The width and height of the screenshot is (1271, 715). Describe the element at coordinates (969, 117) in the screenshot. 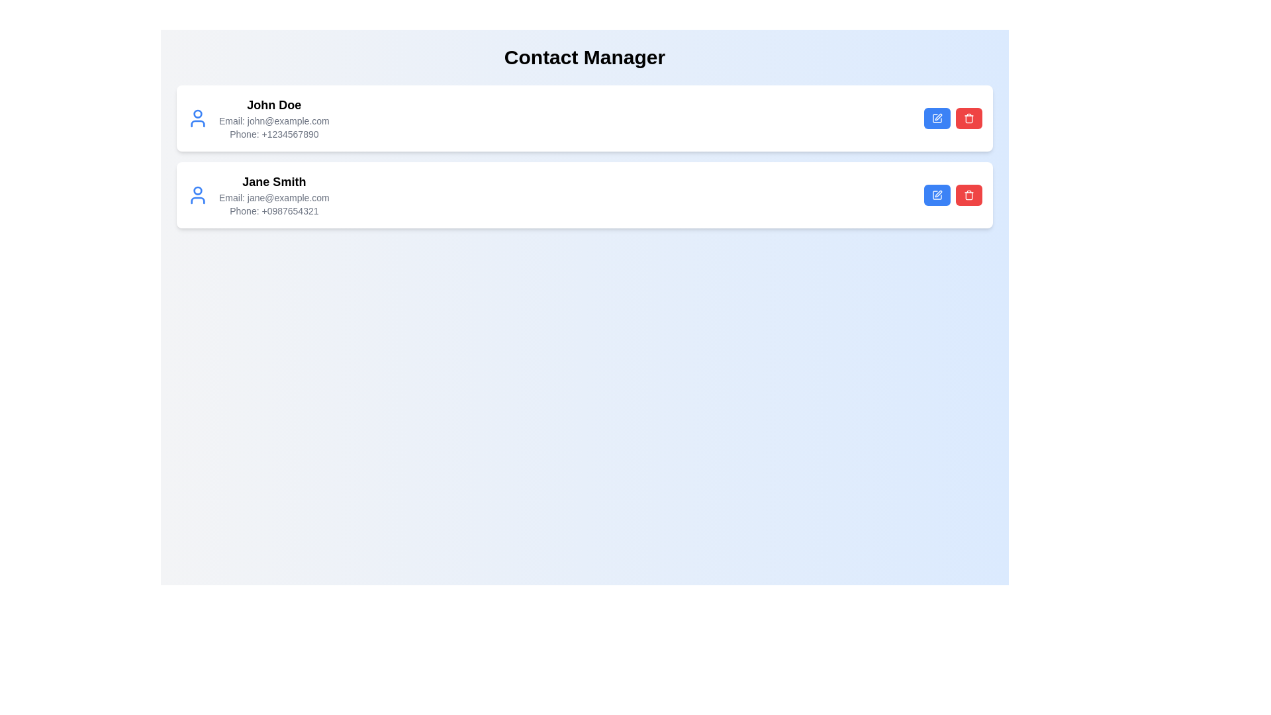

I see `the delete icon button in the second entry of the contact list, which is located to the right of a blue button` at that location.